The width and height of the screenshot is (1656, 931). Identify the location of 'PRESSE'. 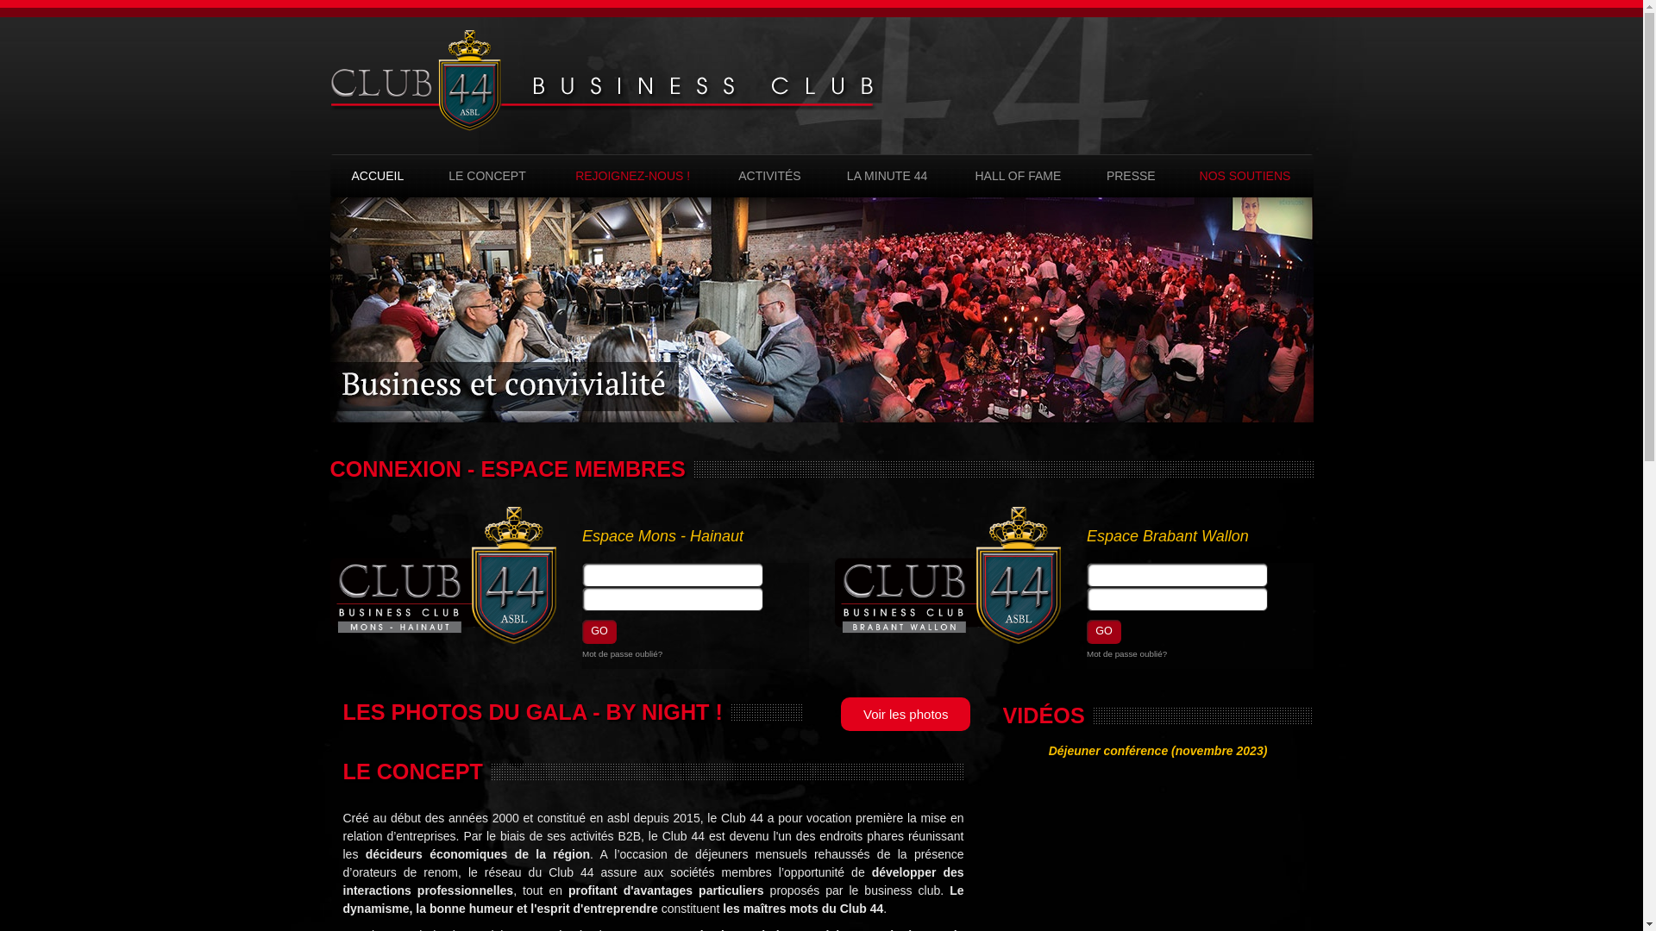
(1130, 176).